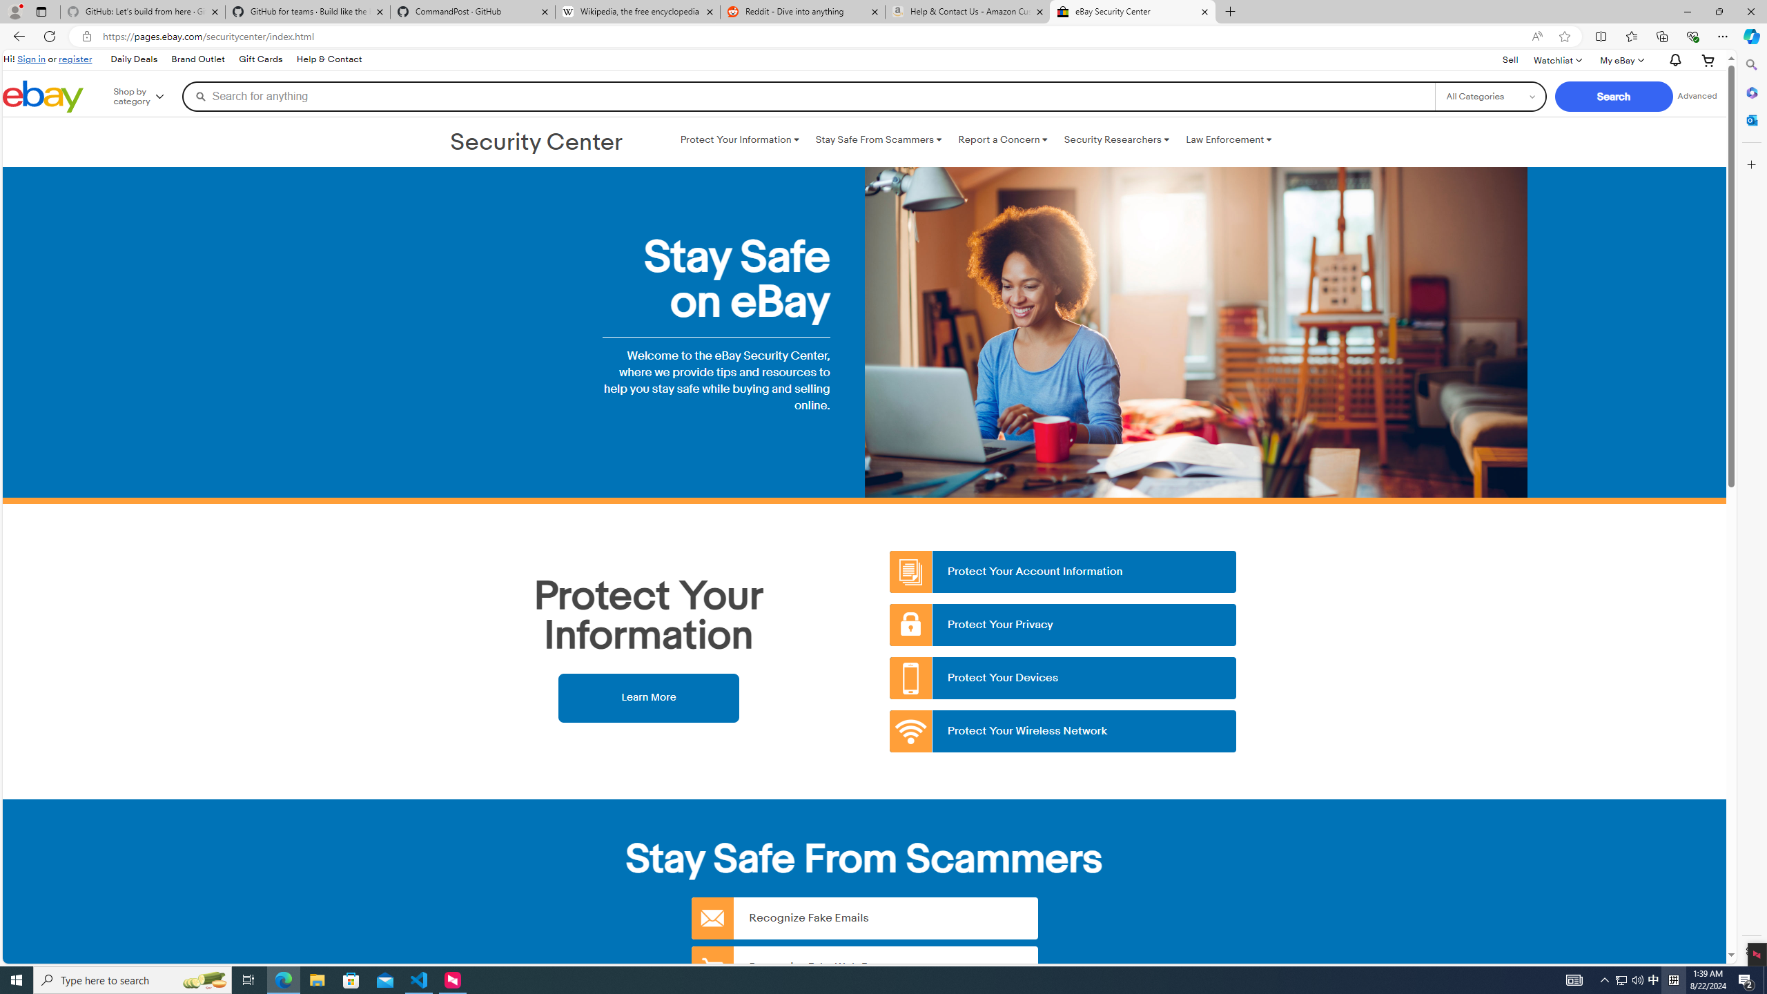  What do you see at coordinates (260, 59) in the screenshot?
I see `'Gift Cards'` at bounding box center [260, 59].